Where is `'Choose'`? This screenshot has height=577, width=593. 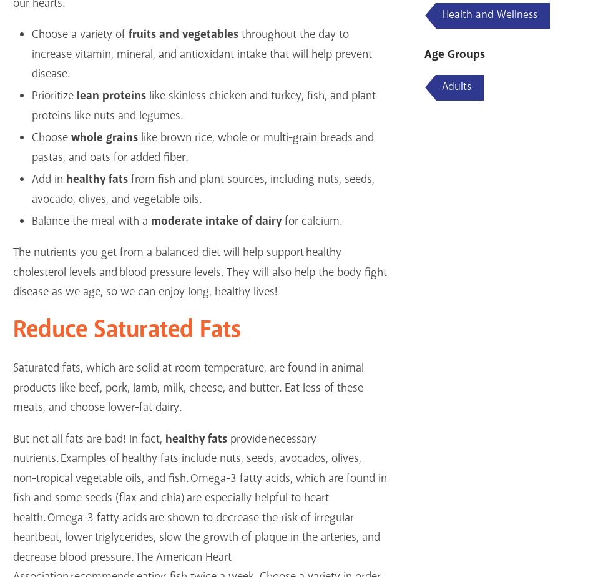
'Choose' is located at coordinates (31, 137).